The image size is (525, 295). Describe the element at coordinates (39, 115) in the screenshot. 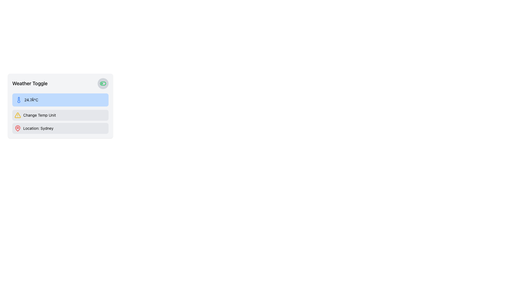

I see `the 'Change Temp Unit' text label, which is displayed in a small-sized sans-serif font with a light gray background and rounded edges, positioned centrally below the thermostat reading` at that location.